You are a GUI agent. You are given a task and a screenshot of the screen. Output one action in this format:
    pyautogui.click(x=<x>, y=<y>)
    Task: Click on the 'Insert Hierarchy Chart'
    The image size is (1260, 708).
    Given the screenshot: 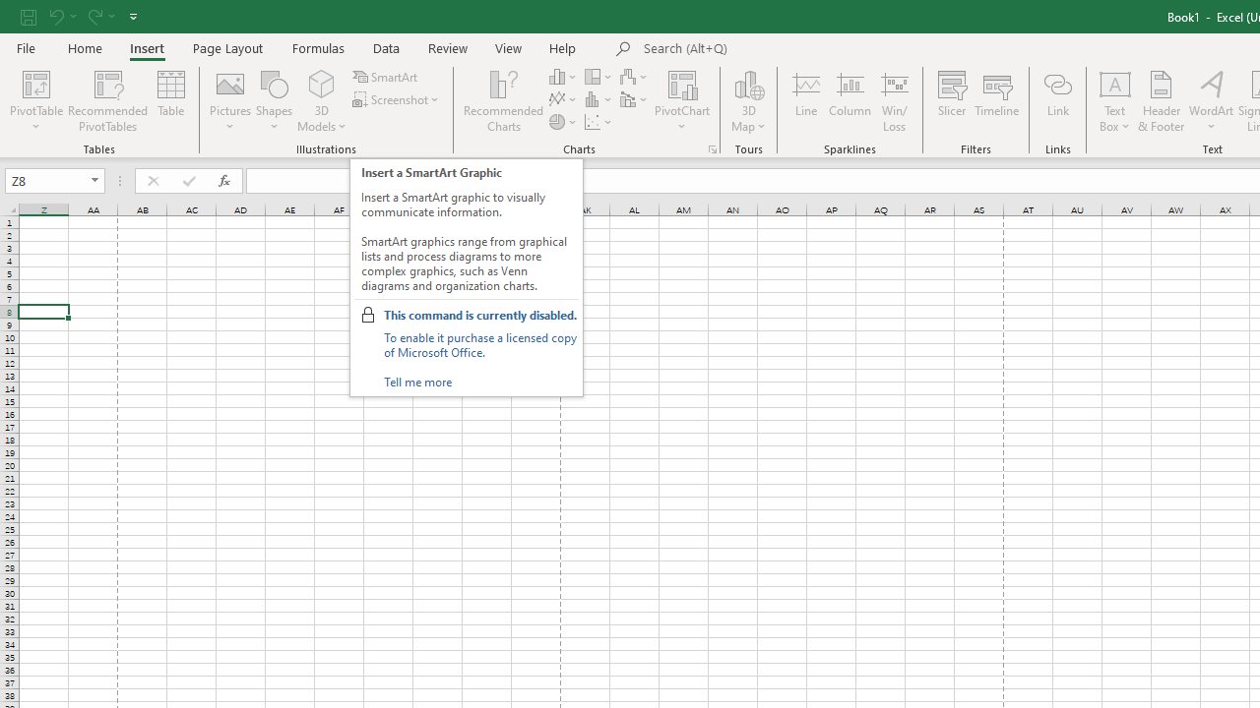 What is the action you would take?
    pyautogui.click(x=598, y=76)
    